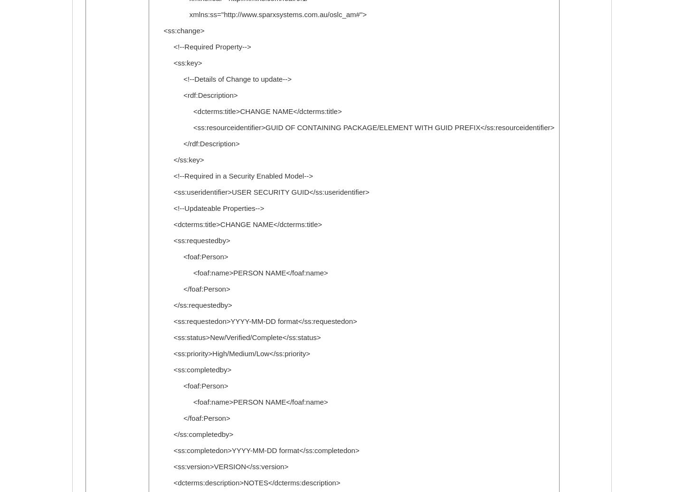  Describe the element at coordinates (353, 127) in the screenshot. I see `'<ss:resourceidentifier>GUID OF CONTAINING PACKAGE/ELEMENT WITH GUID PREFIX</ss:resourceidentifier>'` at that location.